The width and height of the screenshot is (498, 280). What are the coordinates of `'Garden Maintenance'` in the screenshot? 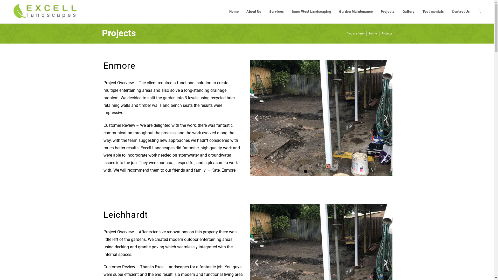 It's located at (356, 12).